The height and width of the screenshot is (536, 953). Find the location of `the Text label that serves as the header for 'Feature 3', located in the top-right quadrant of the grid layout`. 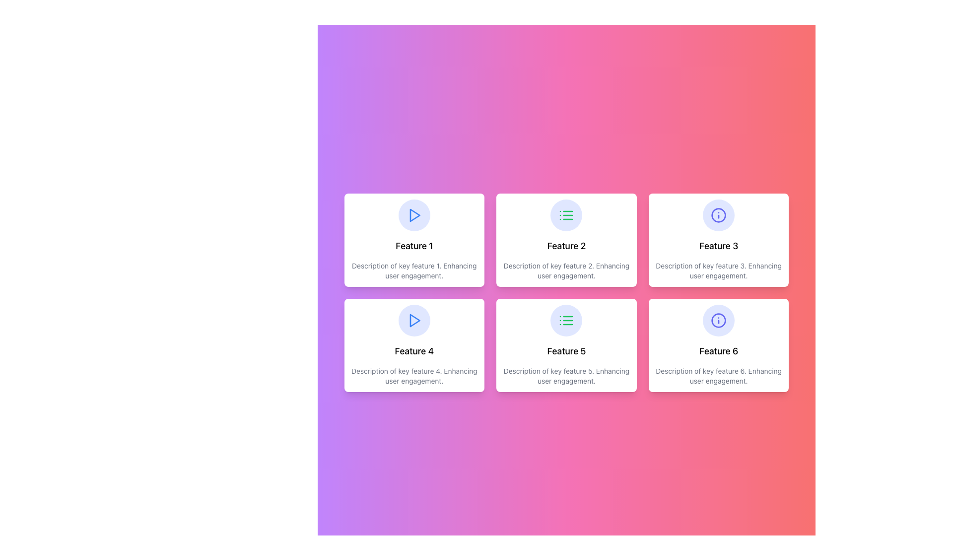

the Text label that serves as the header for 'Feature 3', located in the top-right quadrant of the grid layout is located at coordinates (719, 246).